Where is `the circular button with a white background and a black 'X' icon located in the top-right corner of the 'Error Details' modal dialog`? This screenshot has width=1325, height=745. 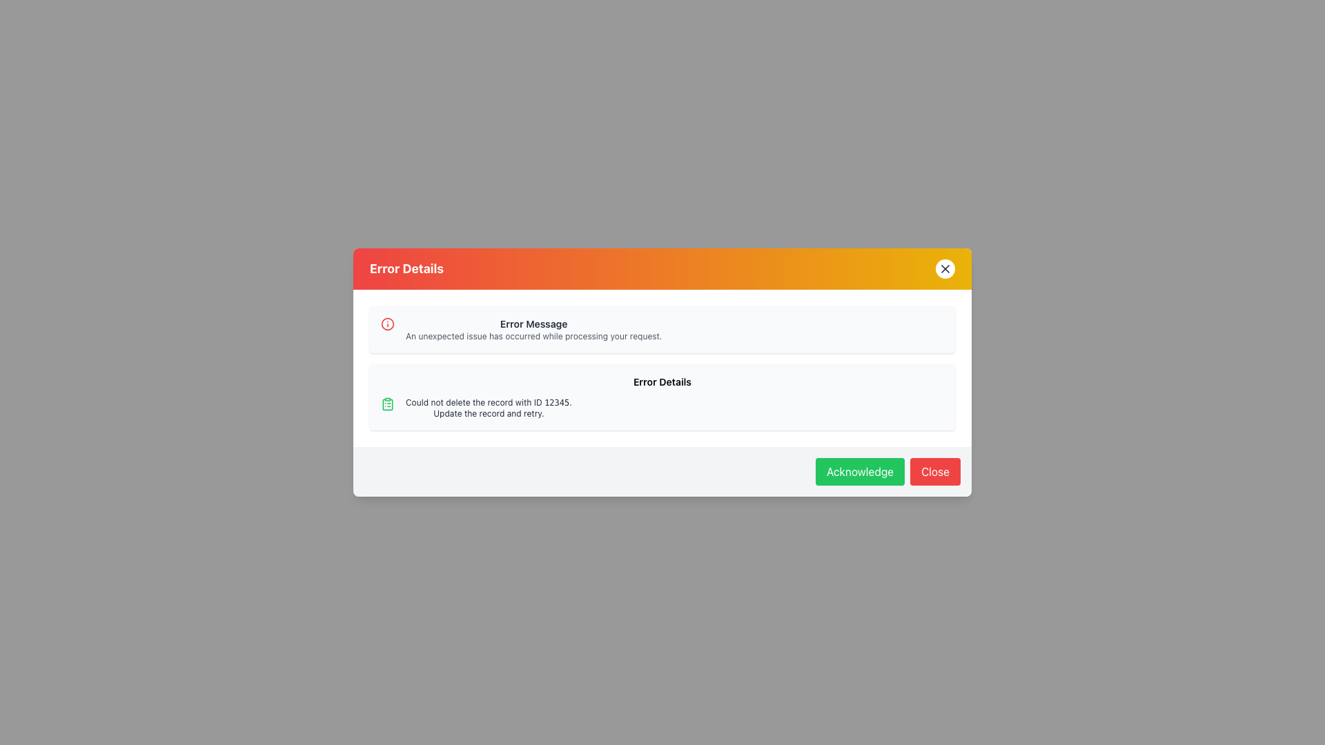 the circular button with a white background and a black 'X' icon located in the top-right corner of the 'Error Details' modal dialog is located at coordinates (944, 268).